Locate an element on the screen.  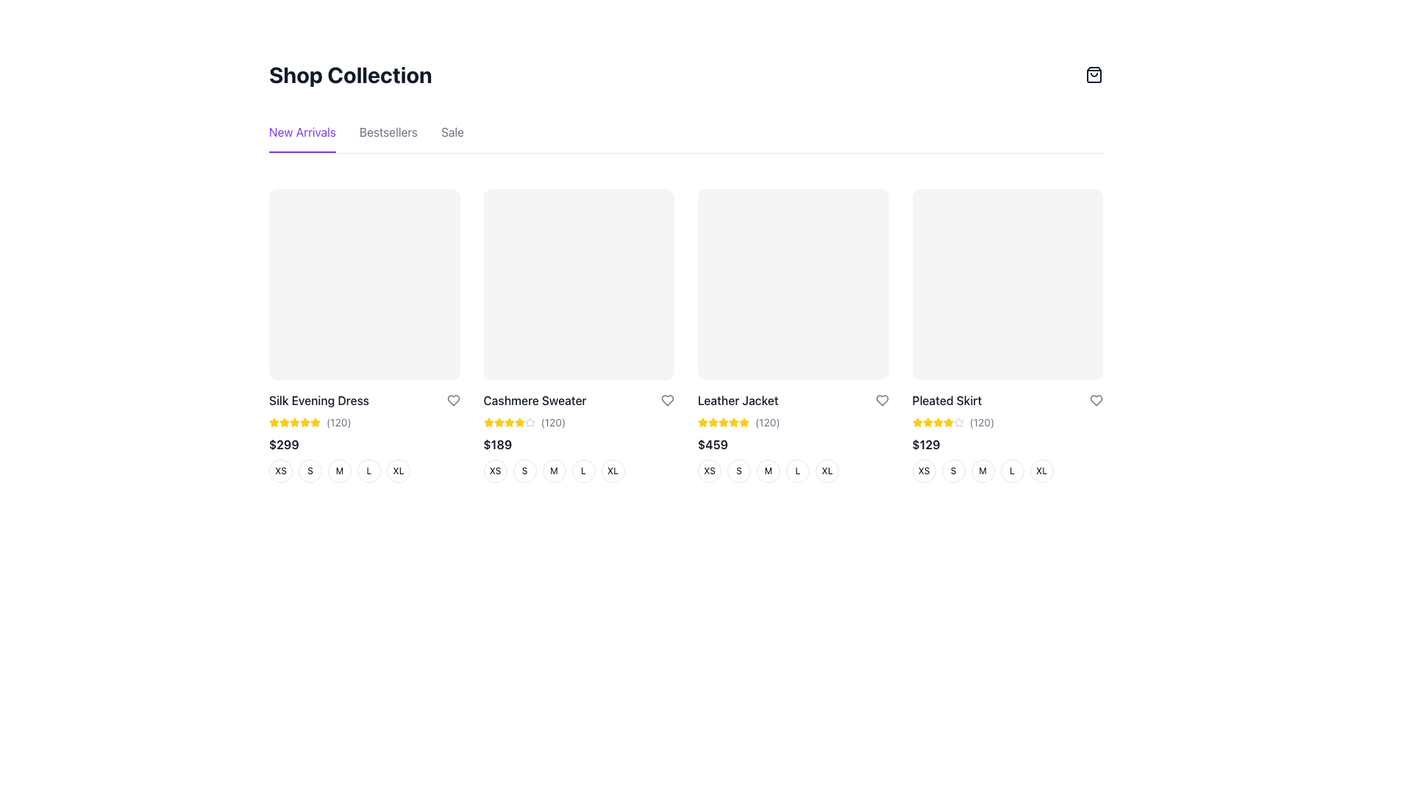
the last star icon of the rating system for the 'Pleated Skirt' product card, which is currently in an unselected state is located at coordinates (958, 422).